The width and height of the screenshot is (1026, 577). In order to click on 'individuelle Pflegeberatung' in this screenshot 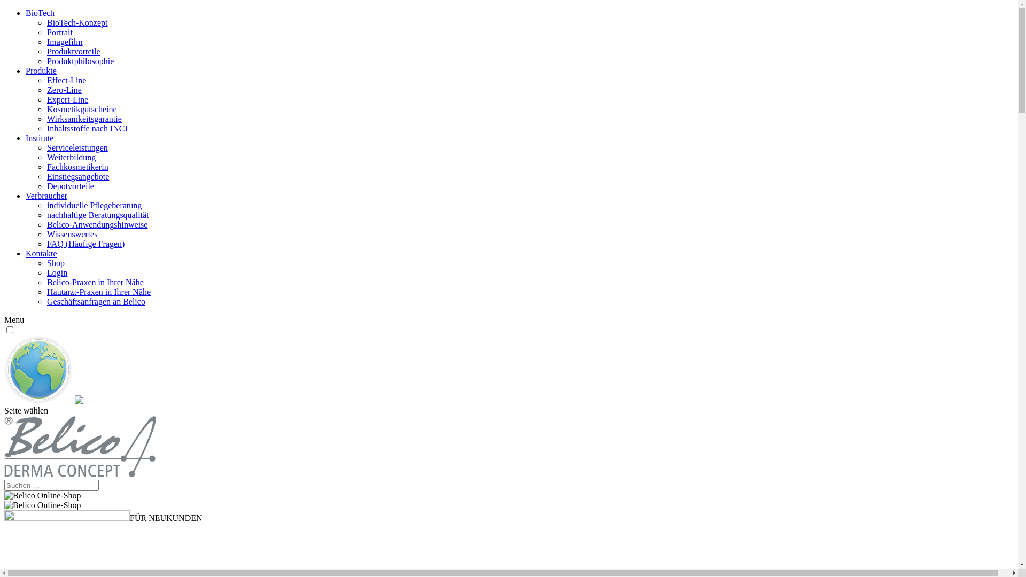, I will do `click(94, 205)`.